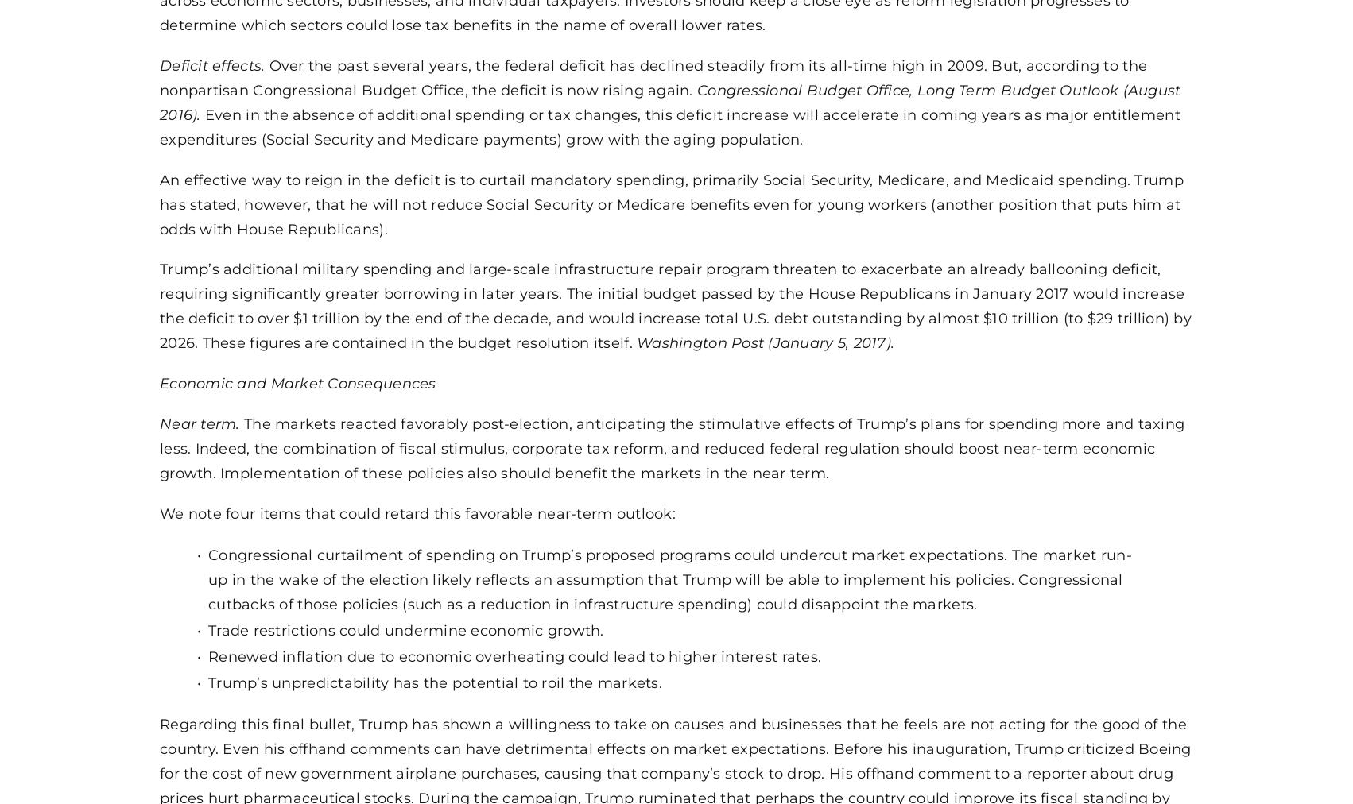 The image size is (1353, 804). Describe the element at coordinates (417, 512) in the screenshot. I see `'We note four items that could retard this favorable near-term outlook:'` at that location.